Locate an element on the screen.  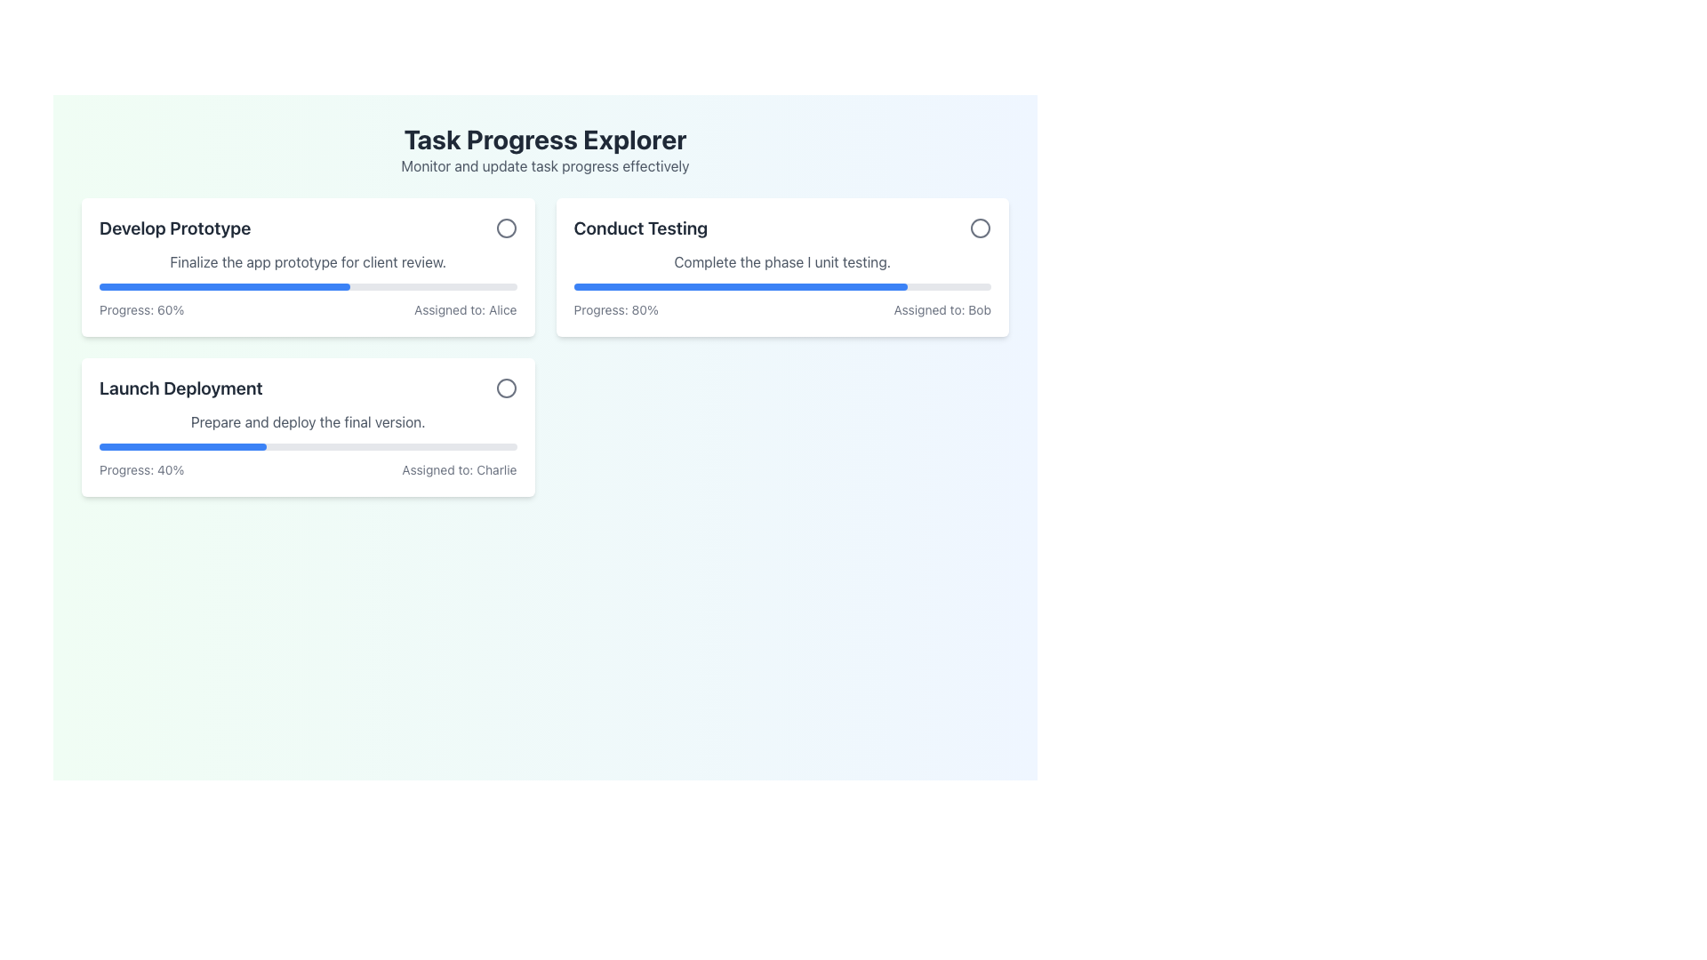
bold header text labeled 'Task Progress Explorer' which is prominently displayed at the top-center of the interface is located at coordinates (544, 139).